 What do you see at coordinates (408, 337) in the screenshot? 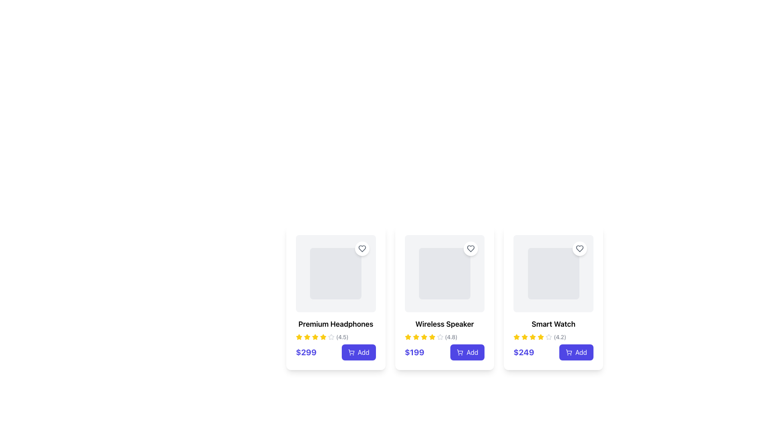
I see `the third star icon in the rating section of the 'Wireless Speaker' product card, which indicates the product's score` at bounding box center [408, 337].